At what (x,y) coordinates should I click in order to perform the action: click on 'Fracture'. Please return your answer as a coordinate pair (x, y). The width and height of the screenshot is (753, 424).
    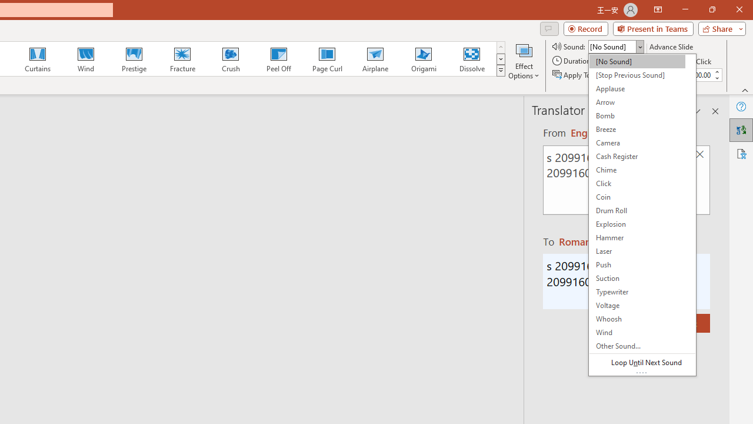
    Looking at the image, I should click on (181, 59).